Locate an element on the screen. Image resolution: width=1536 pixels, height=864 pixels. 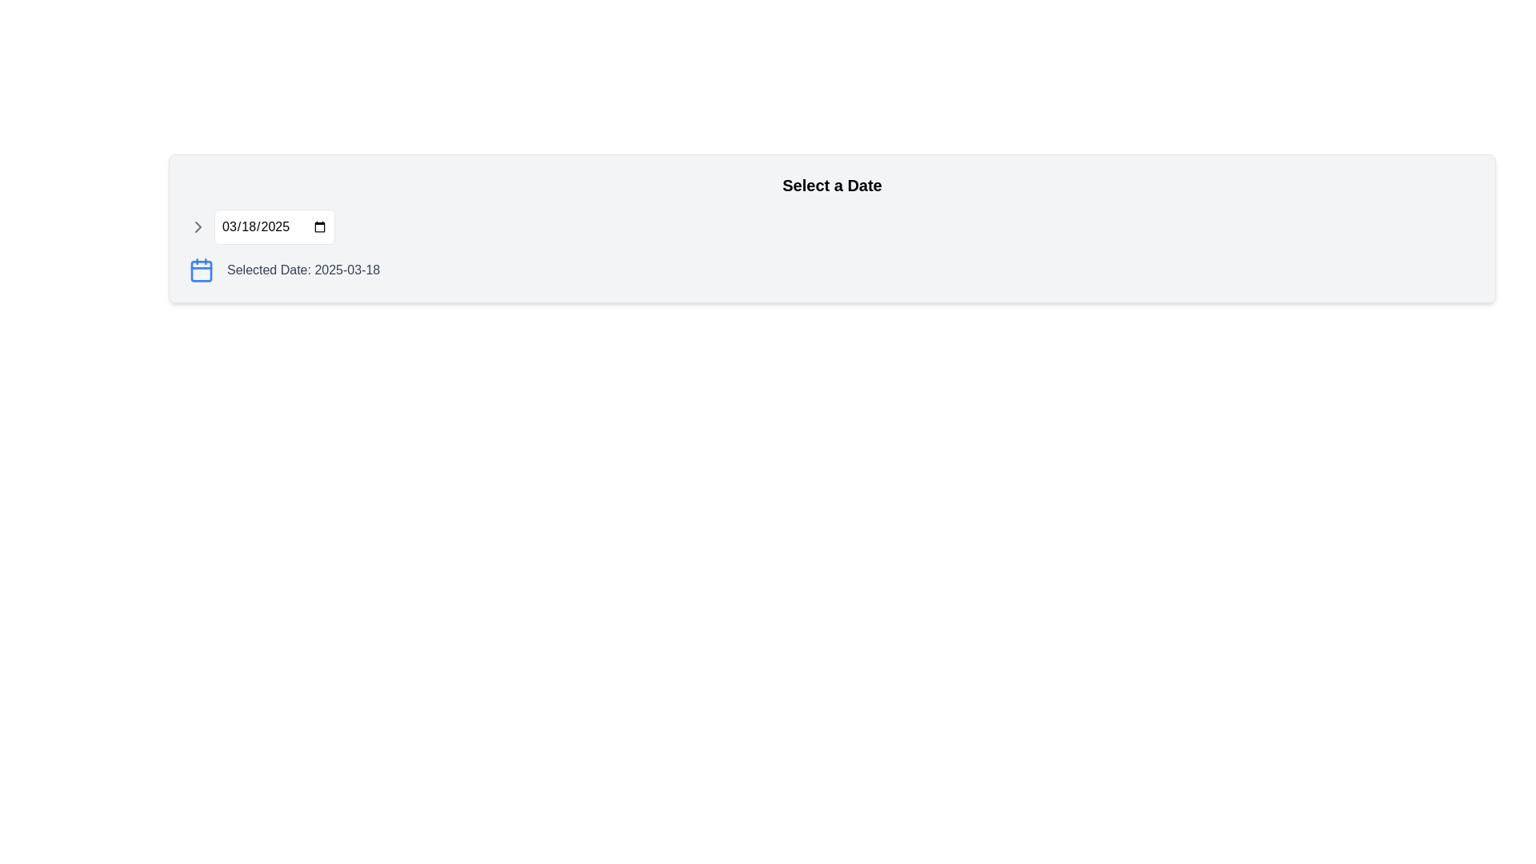
the calendar icon that visually represents the date selection functionality for 'Selected Date: 2025-03-18', located to the left of the corresponding text is located at coordinates (201, 270).